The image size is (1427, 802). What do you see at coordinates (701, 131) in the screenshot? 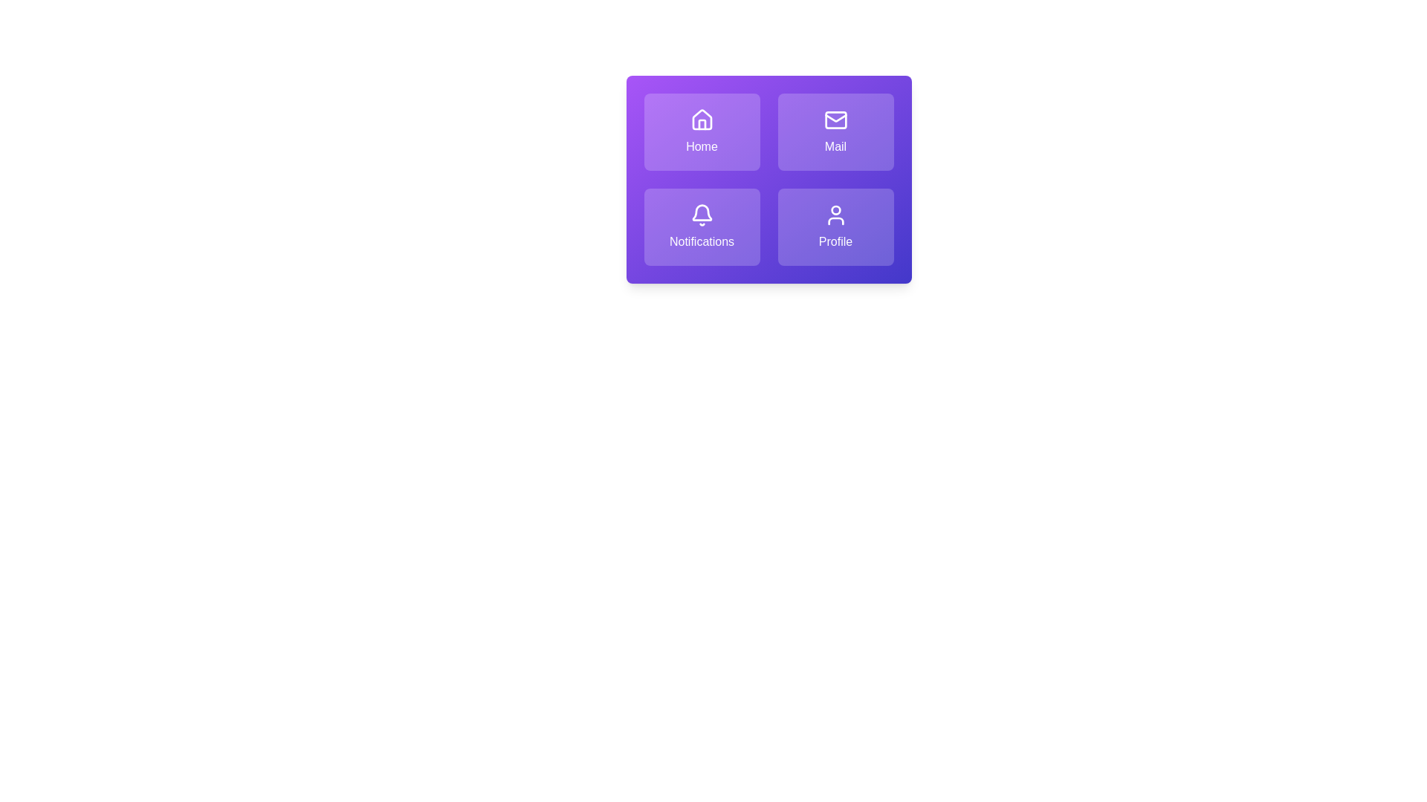
I see `the tile labeled Home to activate its action` at bounding box center [701, 131].